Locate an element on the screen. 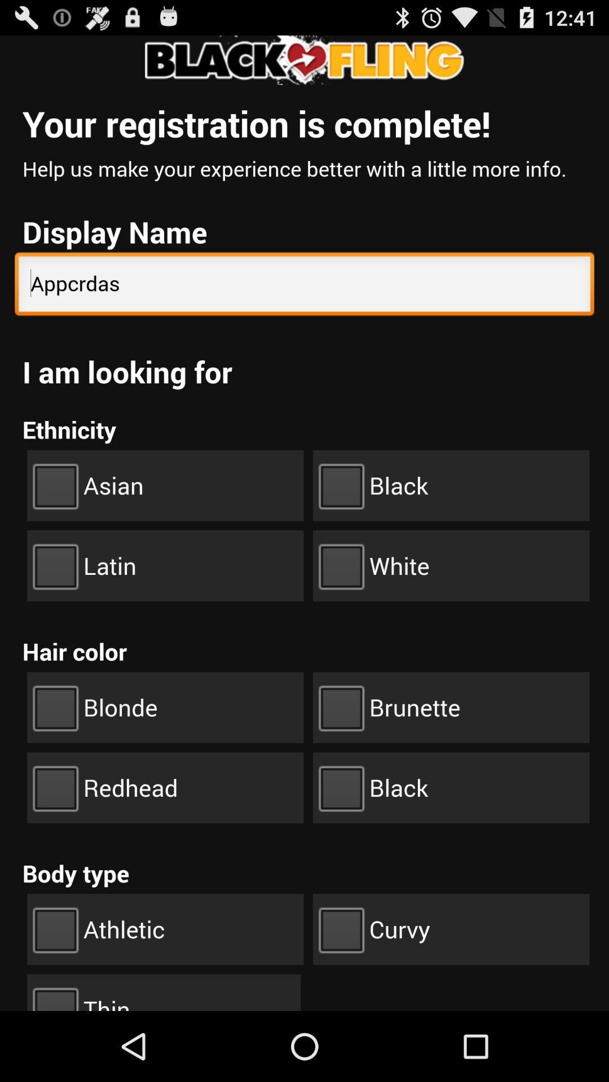  the tittle is located at coordinates (304, 59).